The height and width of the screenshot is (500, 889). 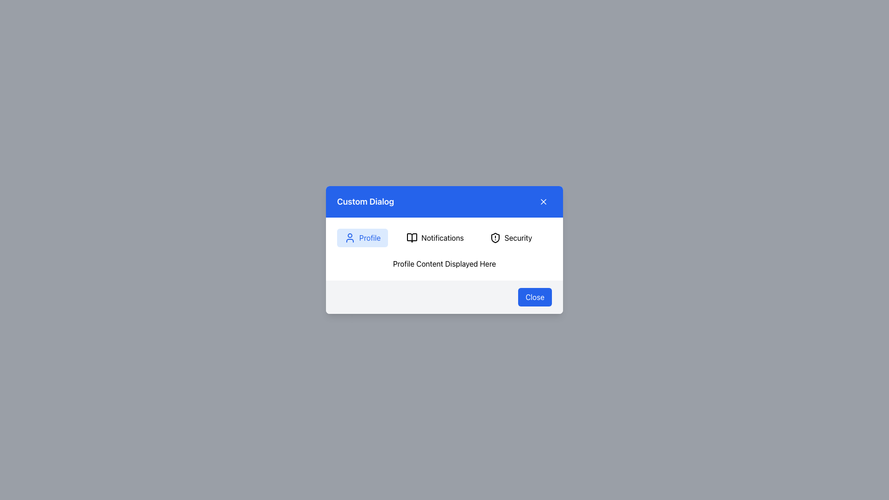 What do you see at coordinates (544, 201) in the screenshot?
I see `the close icon button located in the top-right corner of the dialog box` at bounding box center [544, 201].